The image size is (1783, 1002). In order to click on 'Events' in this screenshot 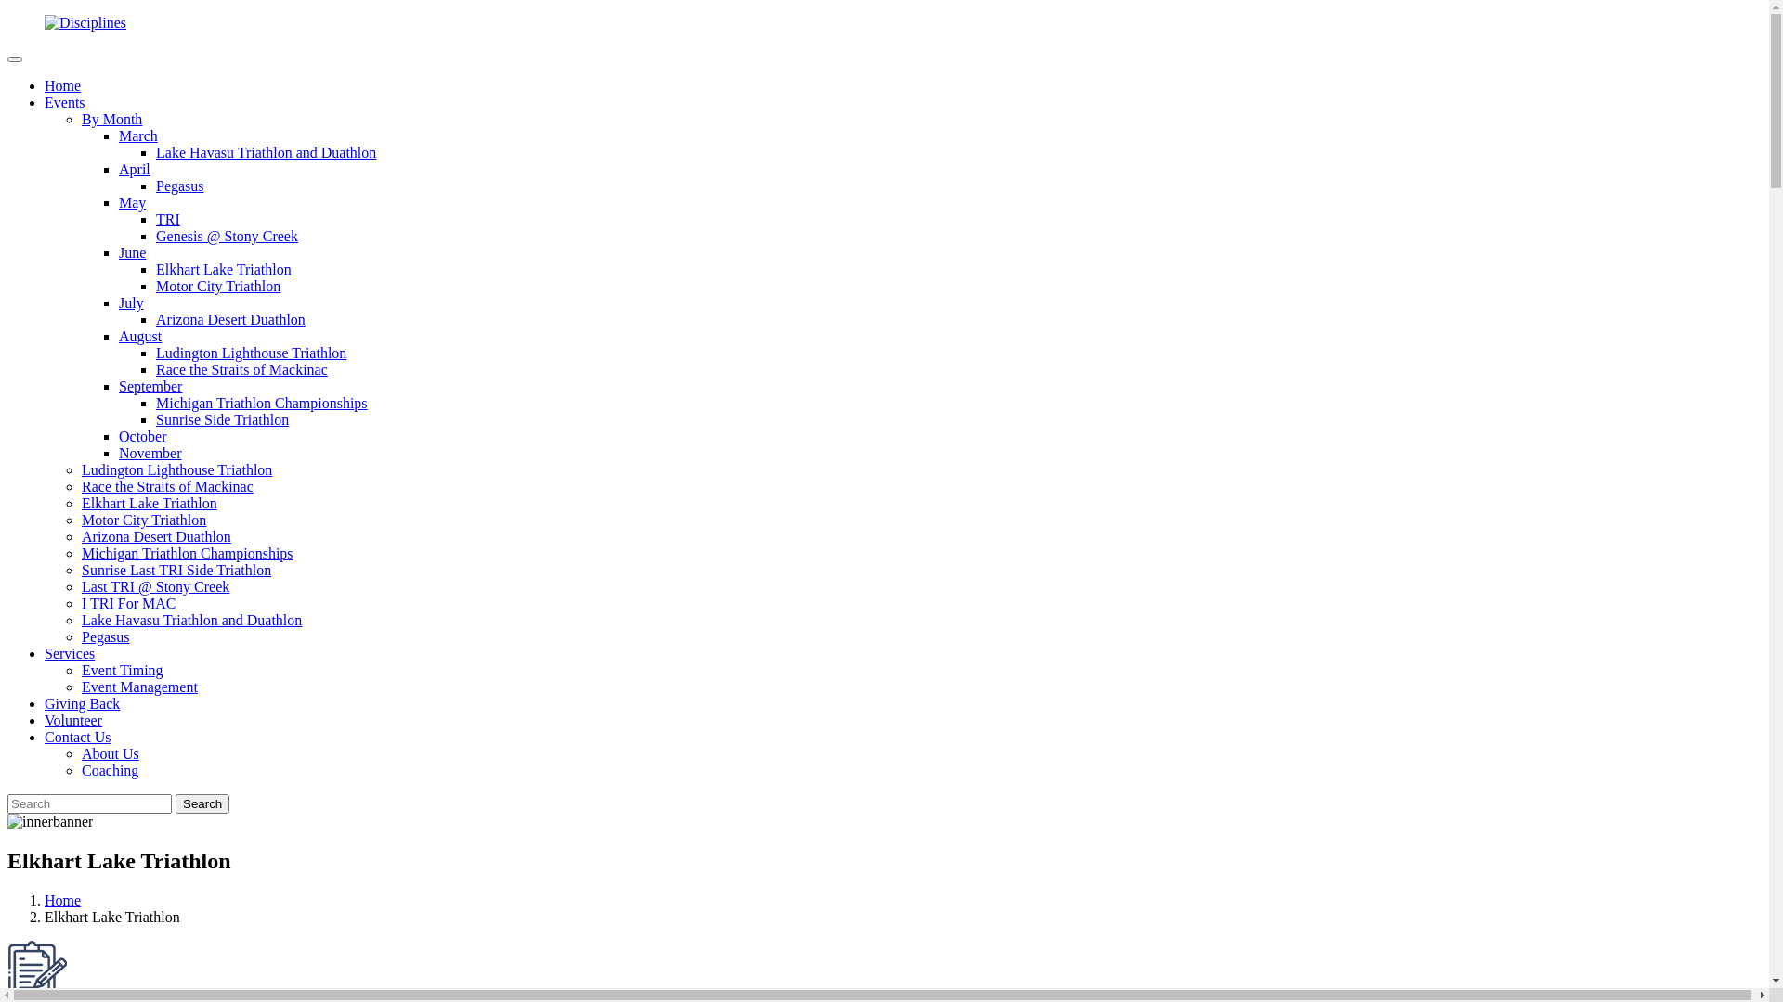, I will do `click(65, 102)`.